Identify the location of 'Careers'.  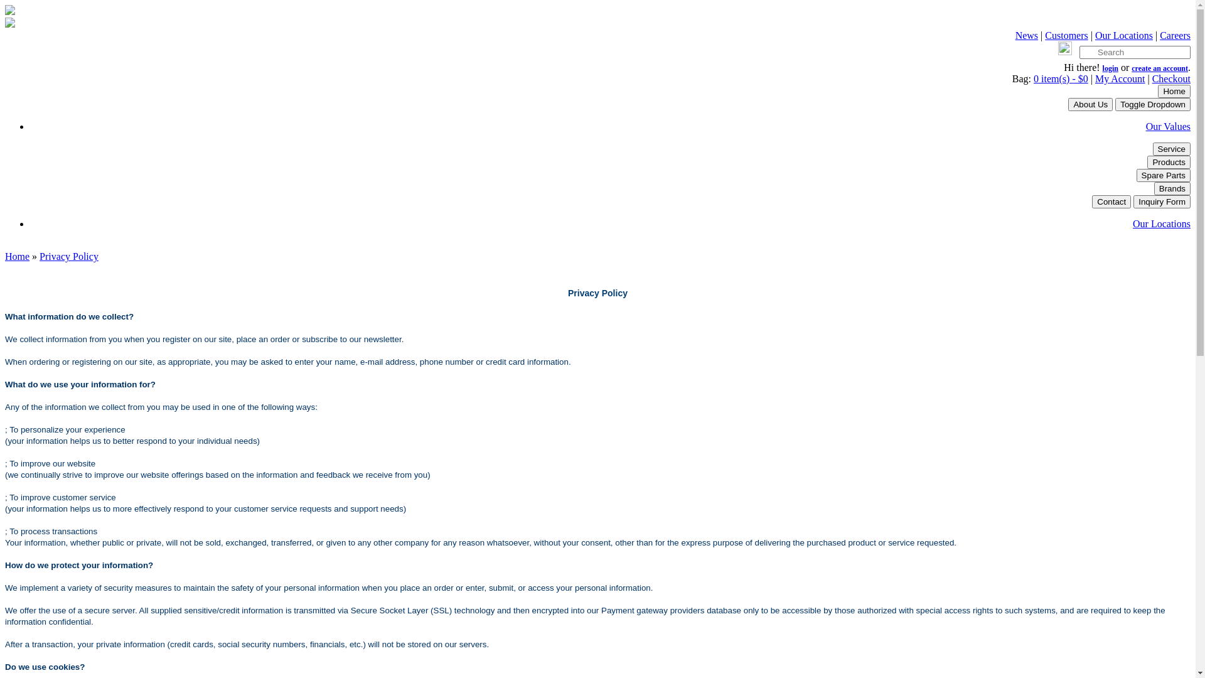
(1174, 35).